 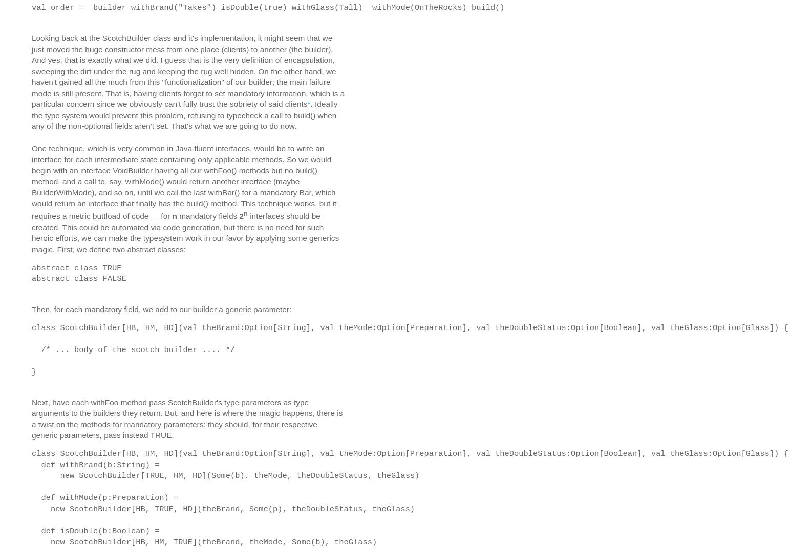 What do you see at coordinates (183, 182) in the screenshot?
I see `'One technique, which is very common in Java fluent interfaces, would be to write an interface for each intermediate state containing only applicable methods. So we would begin with an interface VoidBuilder having all our withFoo() methods but no build() method, and a call to, say, withMode() would return another interface (maybe BuilderWithMode), and so on, until we call the last withBar() for a mandatory Bar, which would return an interface that finally has the build() method. This technique works, but it requires a metric buttload of code — for'` at bounding box center [183, 182].